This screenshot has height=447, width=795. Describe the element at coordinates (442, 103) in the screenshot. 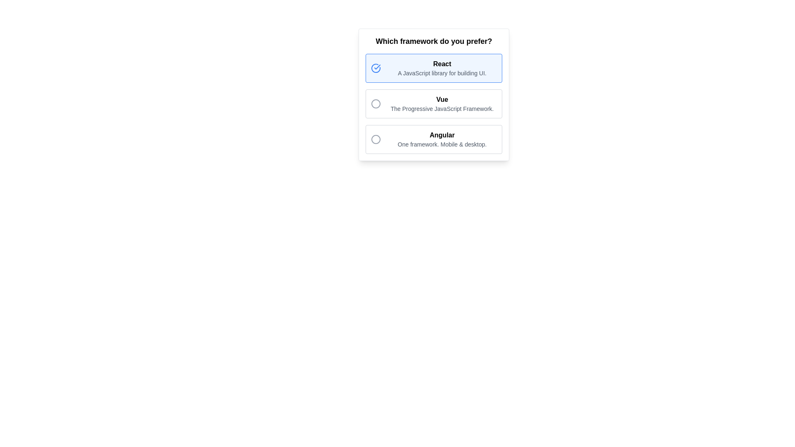

I see `the middle text-based selectable option for the Vue JavaScript framework in the survey form` at that location.